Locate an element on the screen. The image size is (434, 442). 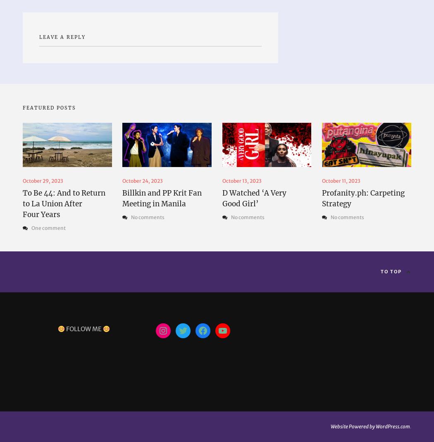
'To Be 44: And to Return to La Union After Four Years' is located at coordinates (64, 203).